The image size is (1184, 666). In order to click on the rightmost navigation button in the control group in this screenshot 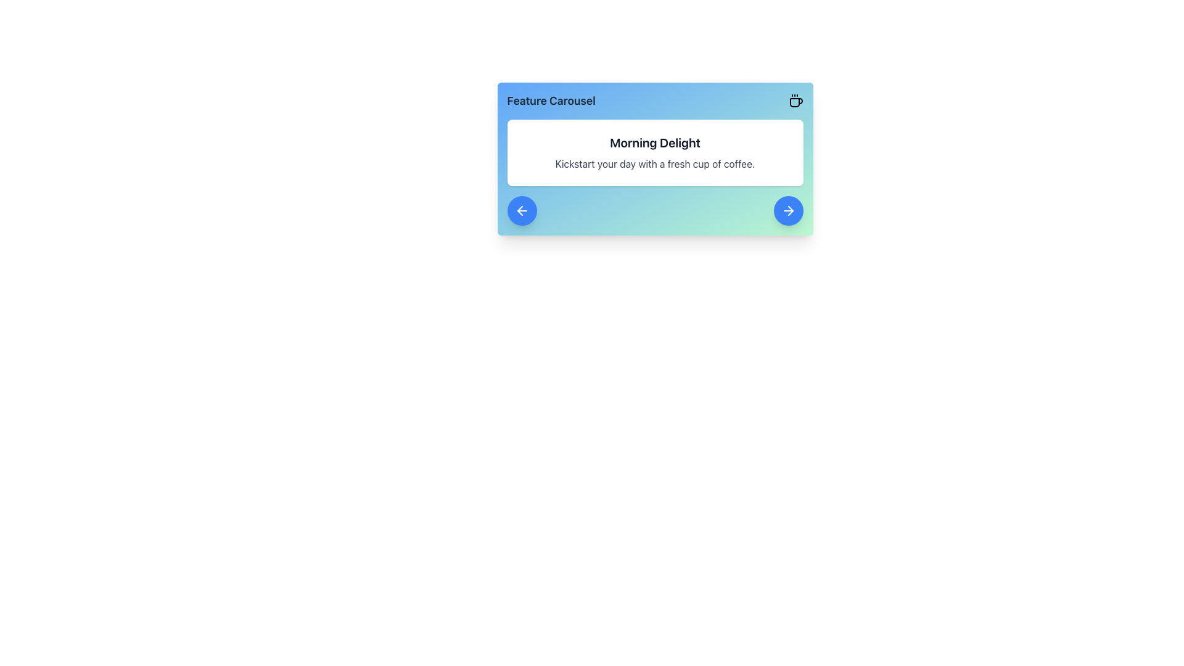, I will do `click(787, 210)`.